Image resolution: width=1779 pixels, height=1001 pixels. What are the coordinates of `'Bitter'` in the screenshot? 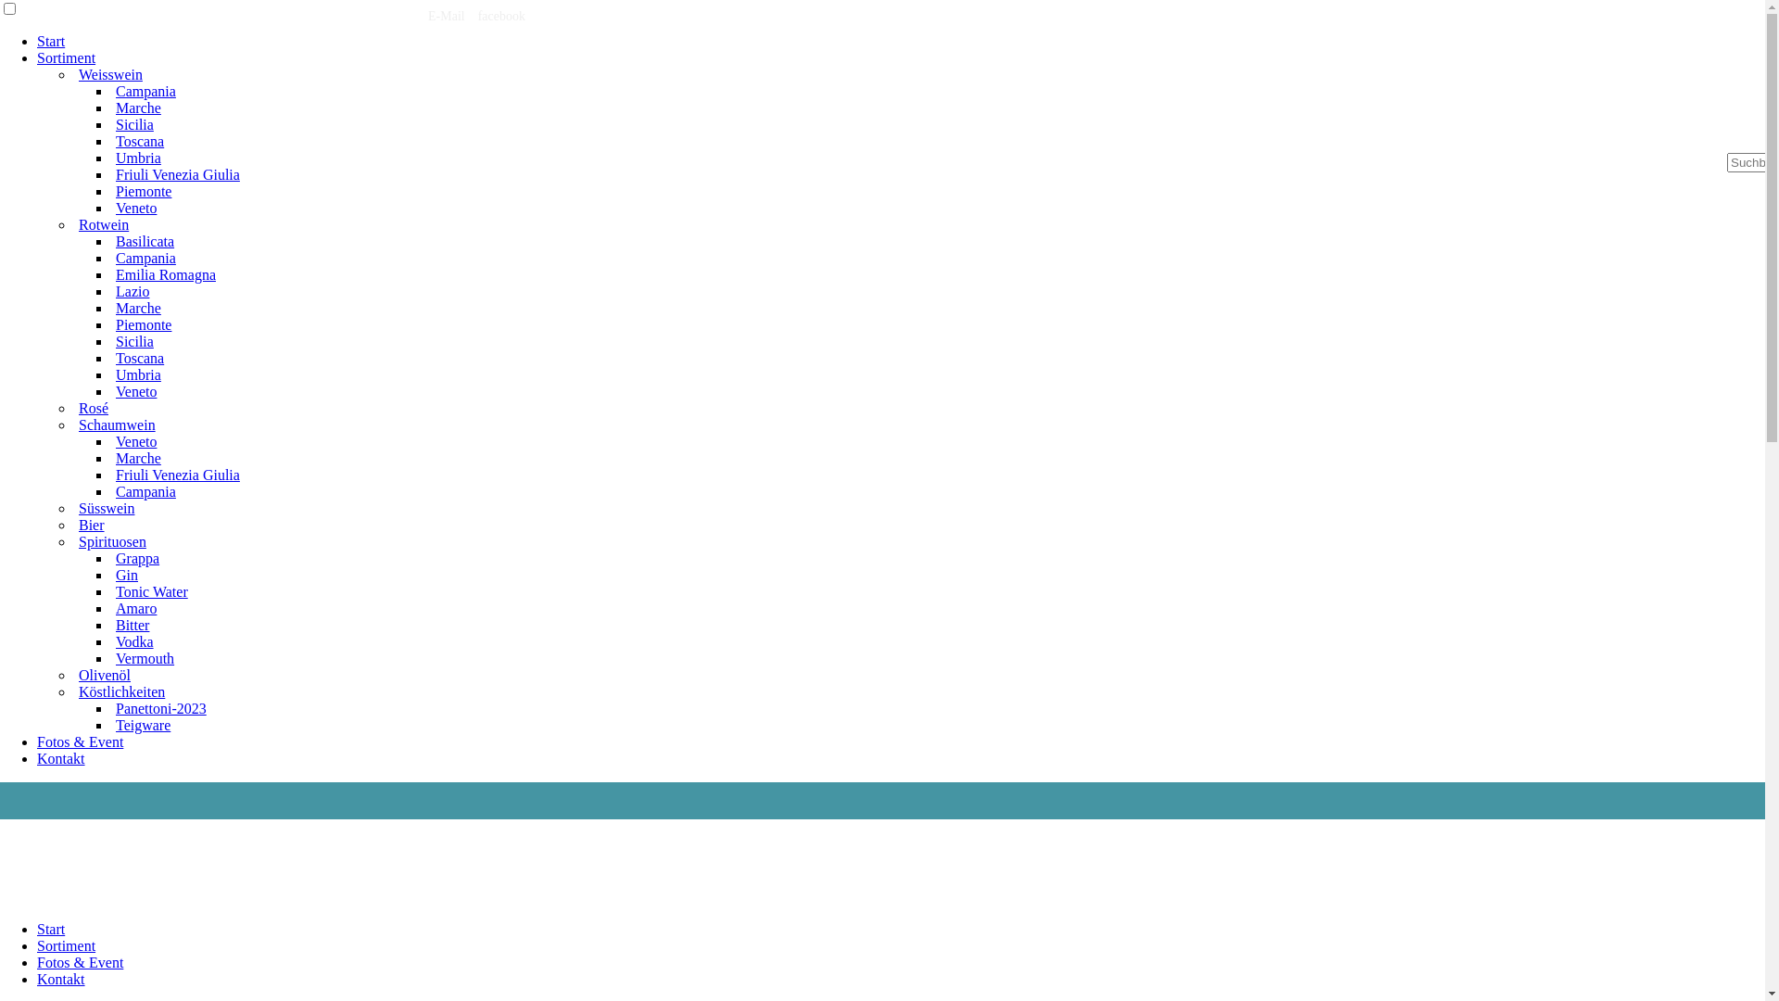 It's located at (132, 625).